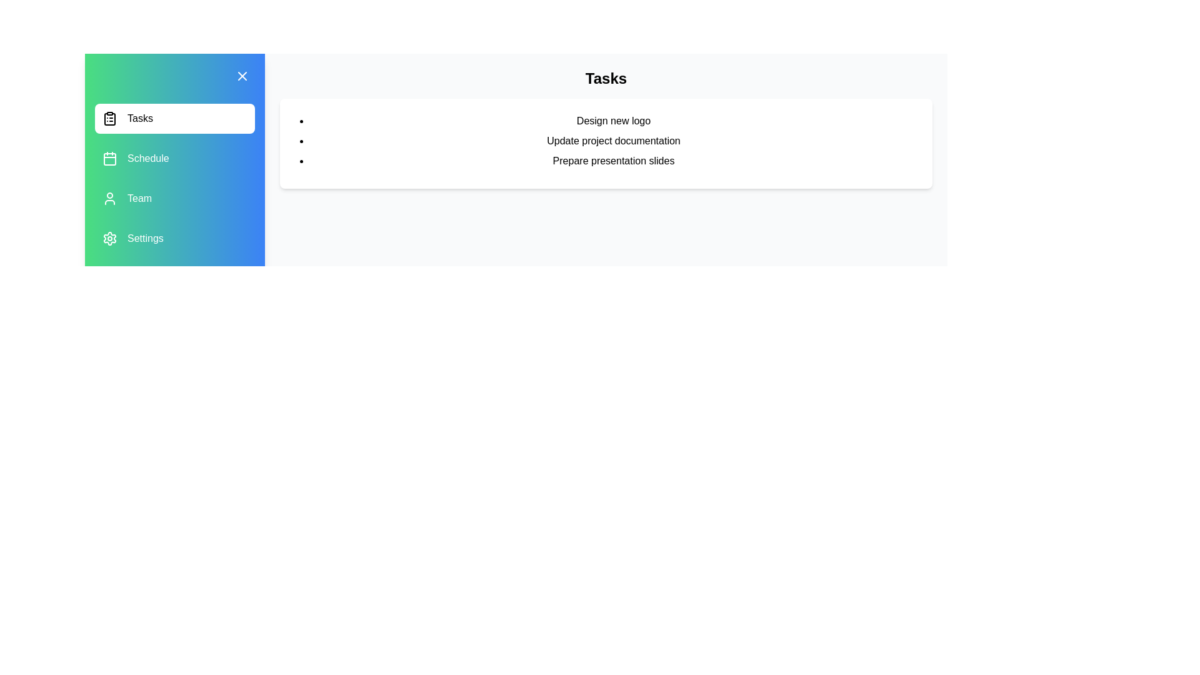 The height and width of the screenshot is (675, 1200). I want to click on the section Settings from the drawer menu, so click(174, 238).